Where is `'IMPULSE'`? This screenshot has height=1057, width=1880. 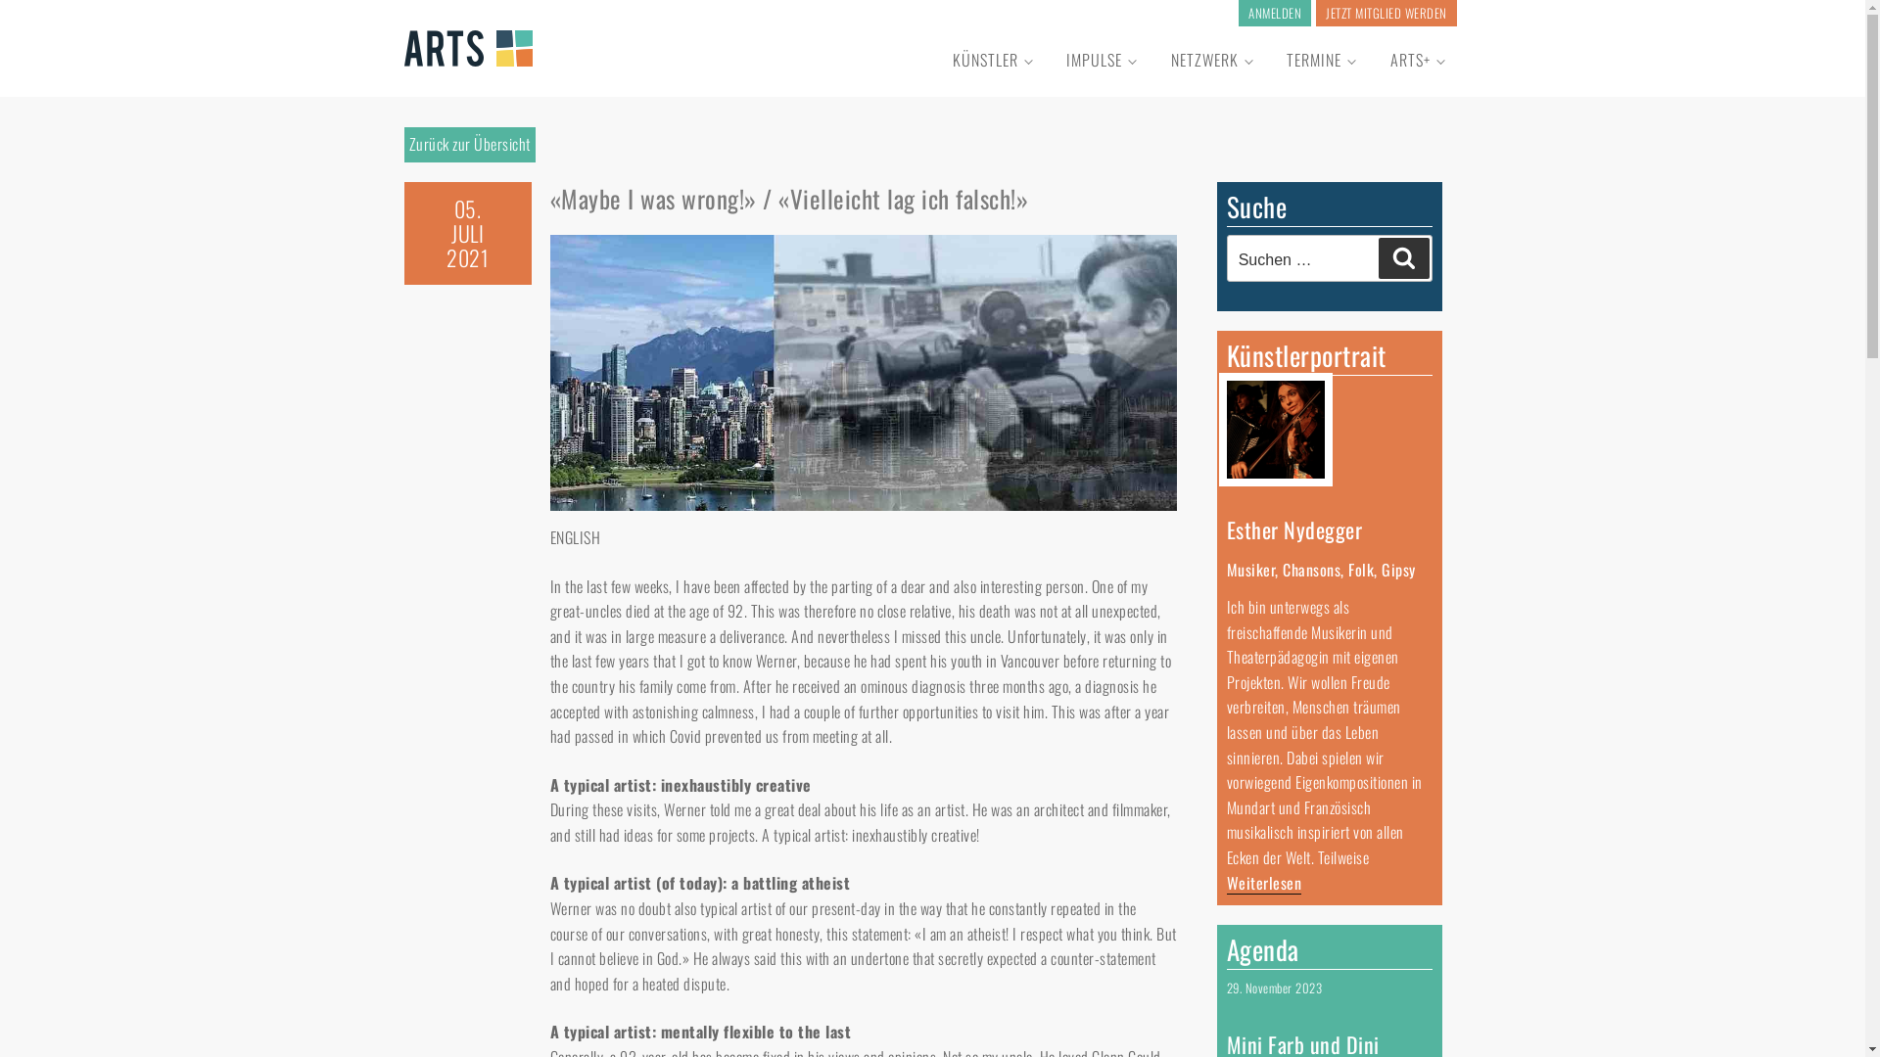
'IMPULSE' is located at coordinates (1101, 59).